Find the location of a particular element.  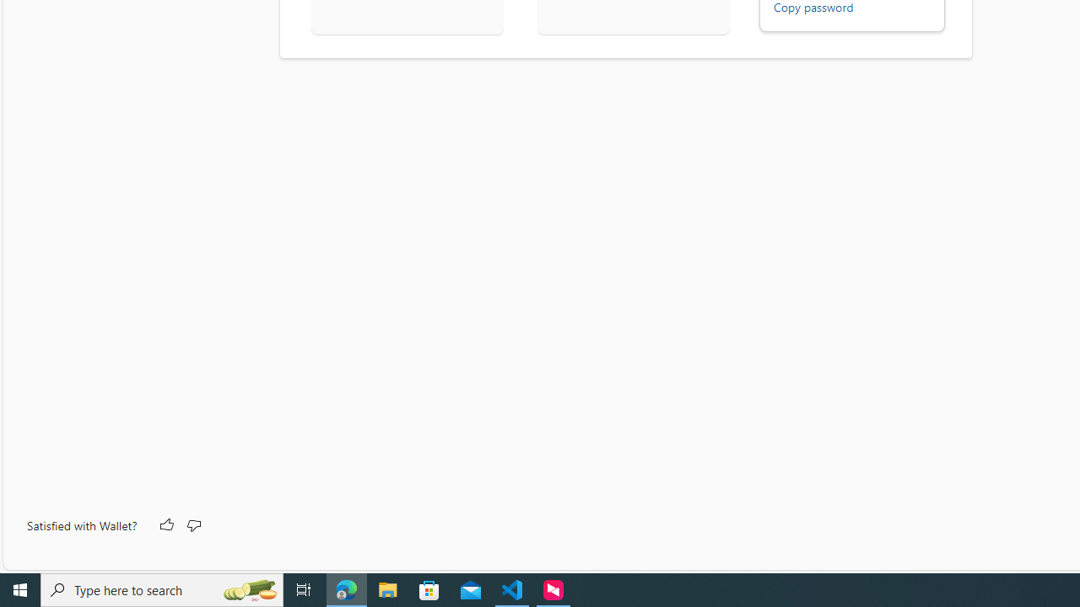

'Like' is located at coordinates (166, 524).